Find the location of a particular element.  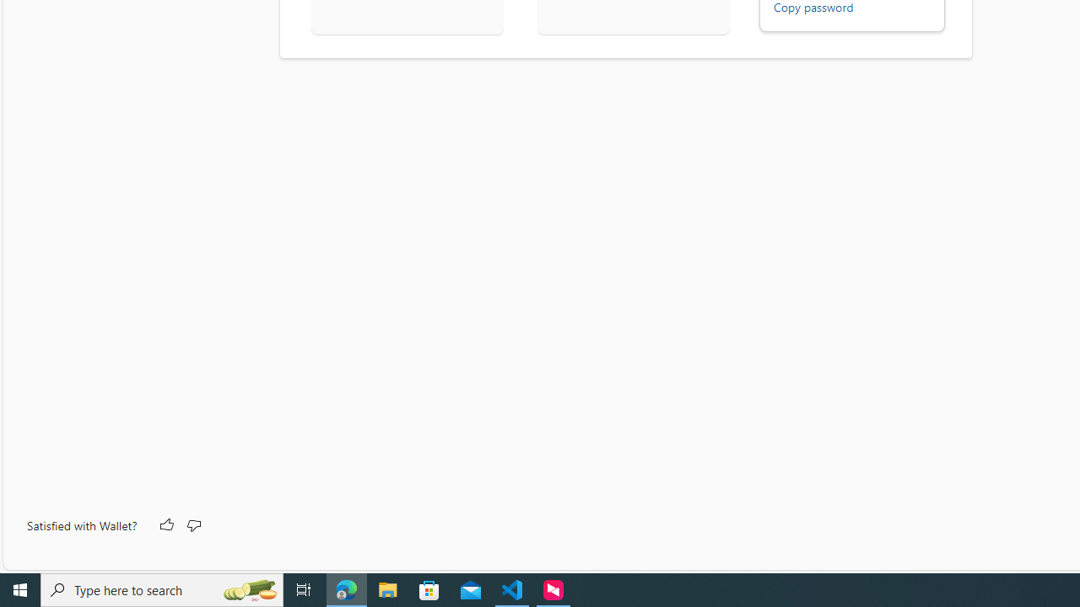

'Like' is located at coordinates (166, 524).